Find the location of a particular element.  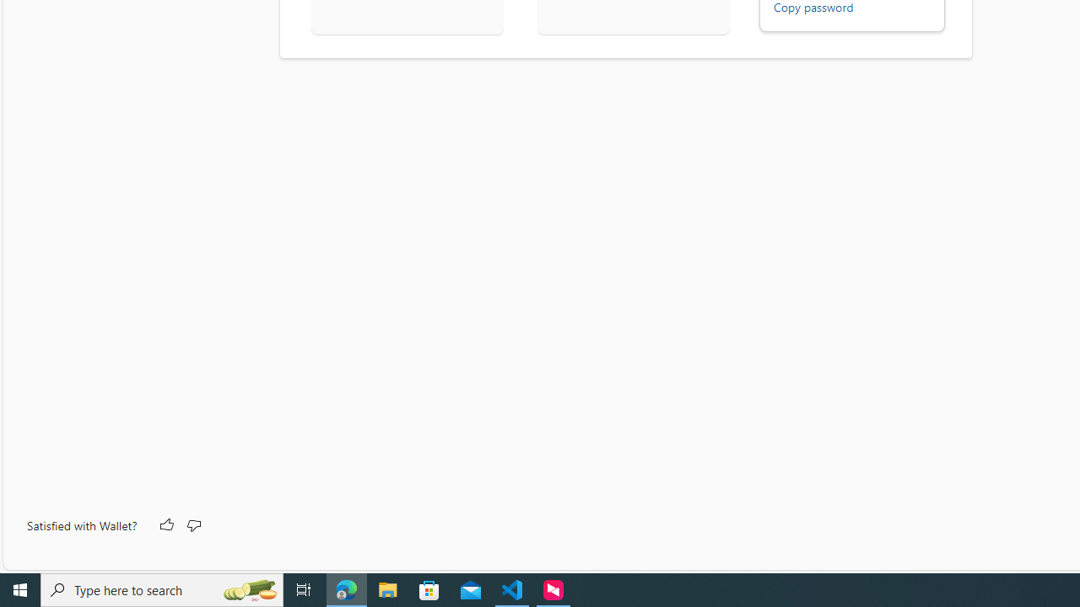

'Like' is located at coordinates (166, 524).